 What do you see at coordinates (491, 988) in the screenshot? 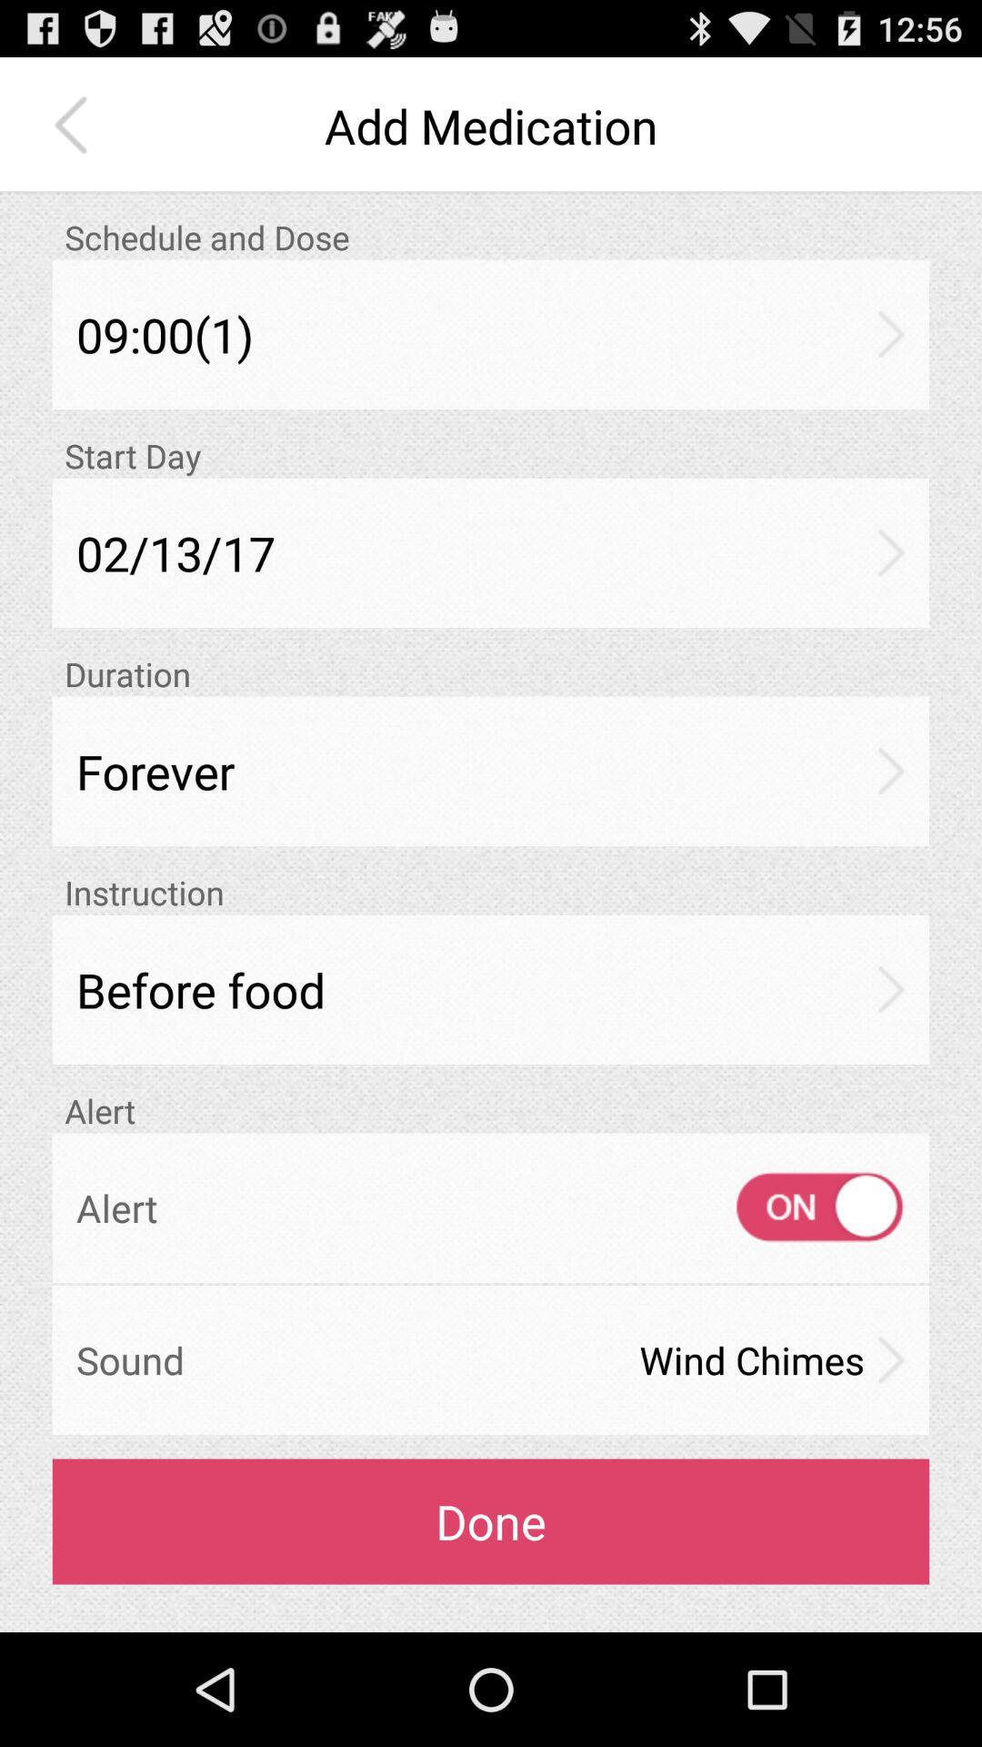
I see `the app below instruction item` at bounding box center [491, 988].